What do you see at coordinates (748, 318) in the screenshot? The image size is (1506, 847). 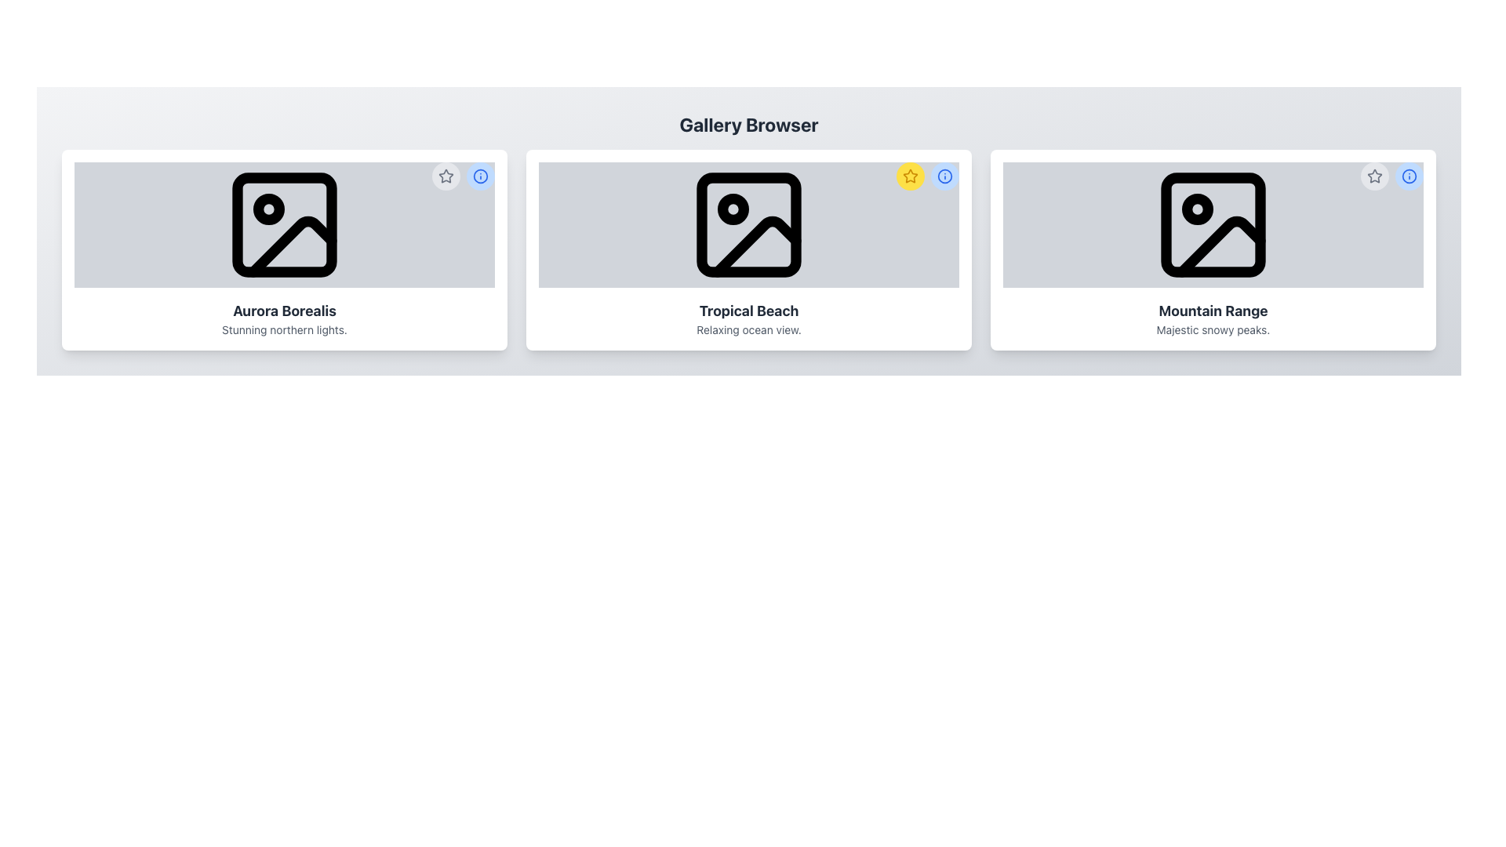 I see `text block titled 'Tropical Beach' located in the middle card of a horizontally aligned set of three cards` at bounding box center [748, 318].